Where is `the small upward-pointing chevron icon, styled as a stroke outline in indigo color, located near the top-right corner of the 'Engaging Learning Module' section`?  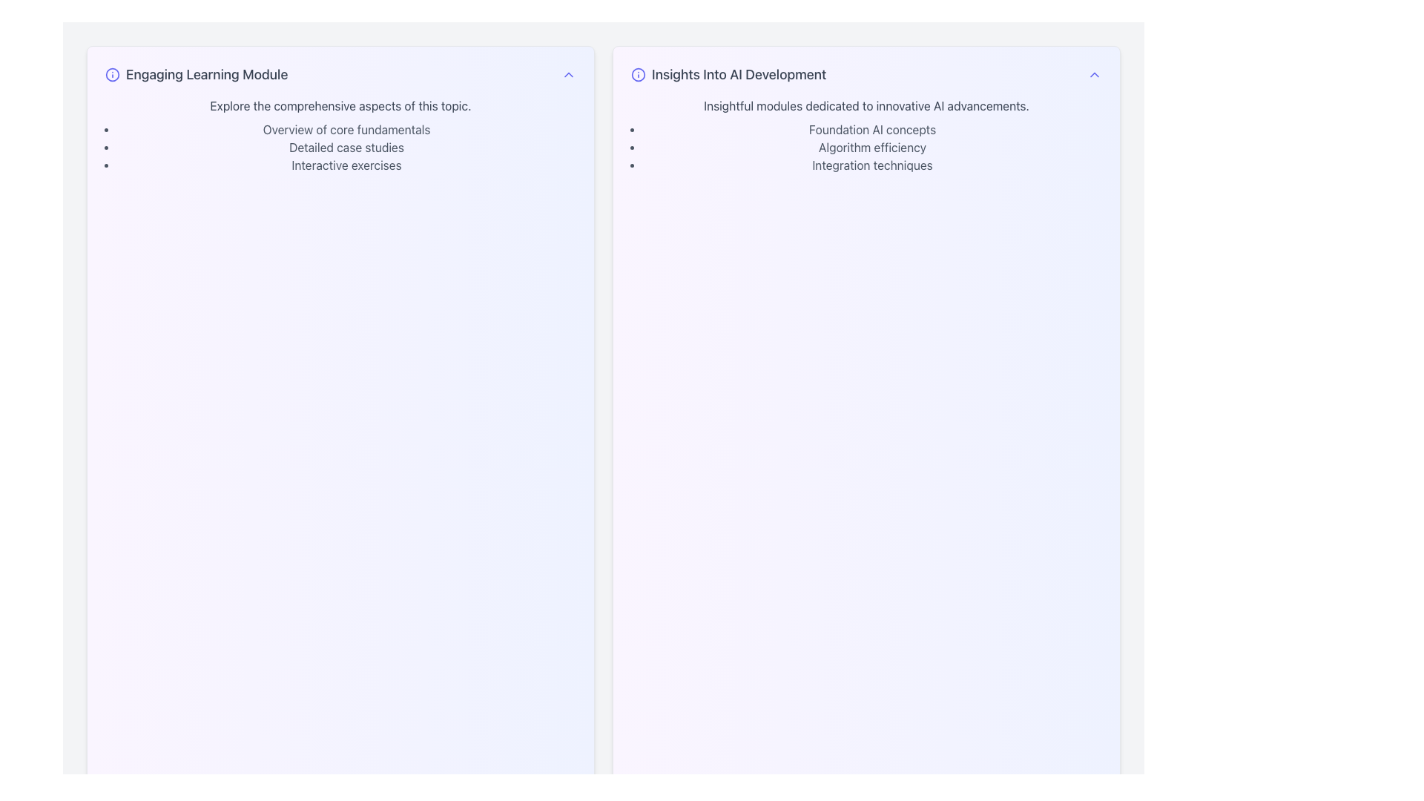
the small upward-pointing chevron icon, styled as a stroke outline in indigo color, located near the top-right corner of the 'Engaging Learning Module' section is located at coordinates (568, 74).